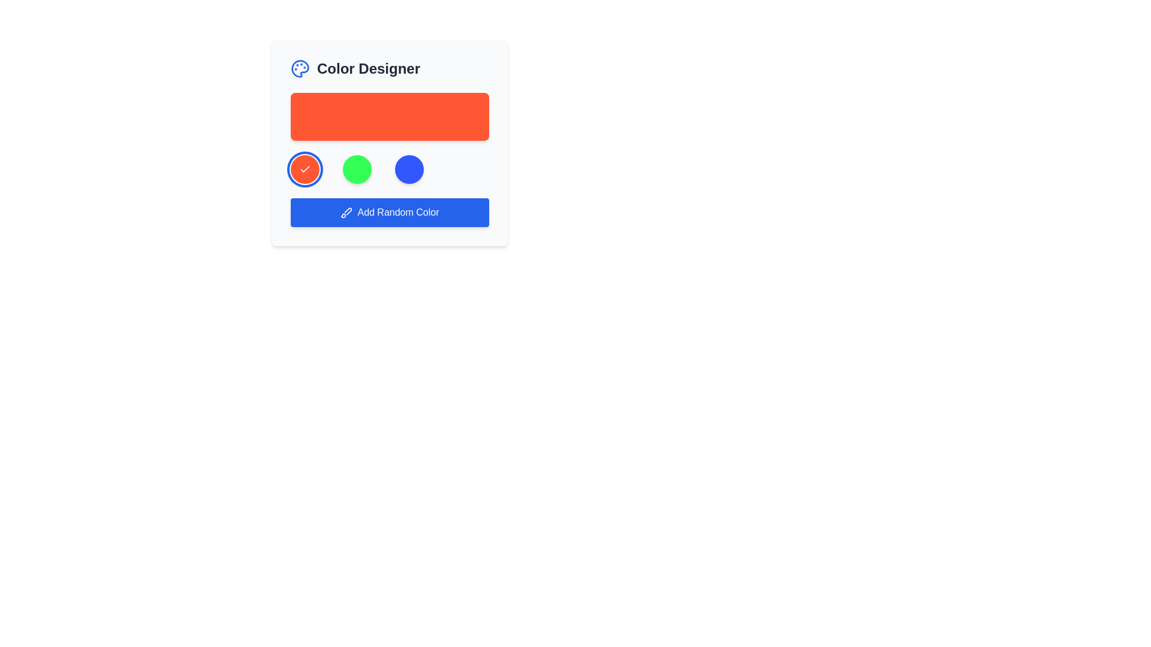 The width and height of the screenshot is (1151, 647). Describe the element at coordinates (356, 169) in the screenshot. I see `the second circular button located below the red rectangular section and above the blue rectangular button` at that location.